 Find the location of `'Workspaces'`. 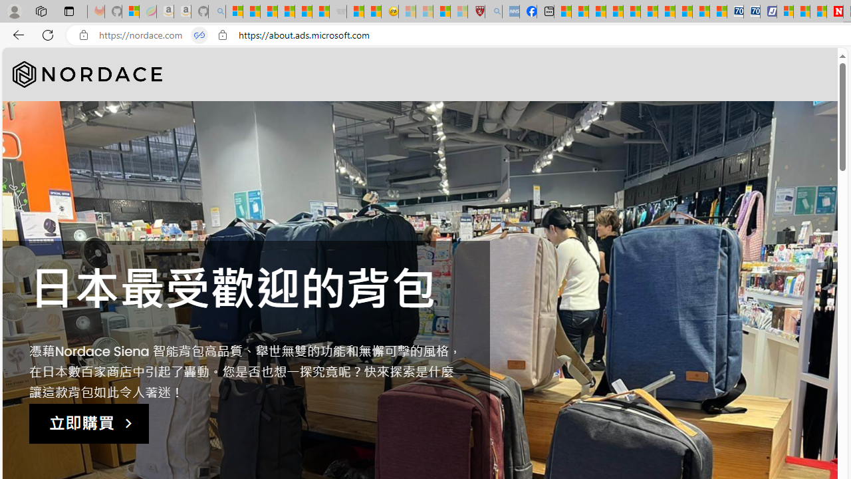

'Workspaces' is located at coordinates (41, 11).